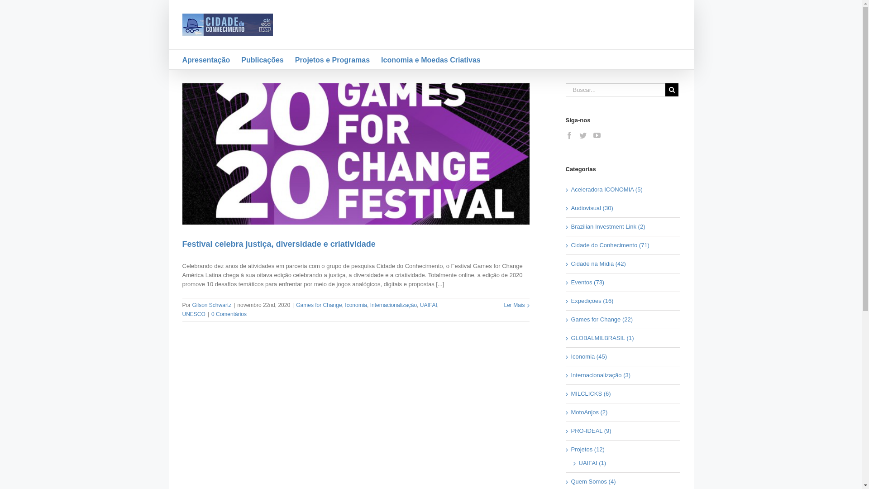 Image resolution: width=869 pixels, height=489 pixels. Describe the element at coordinates (623, 393) in the screenshot. I see `'MILCLICKS (6)'` at that location.